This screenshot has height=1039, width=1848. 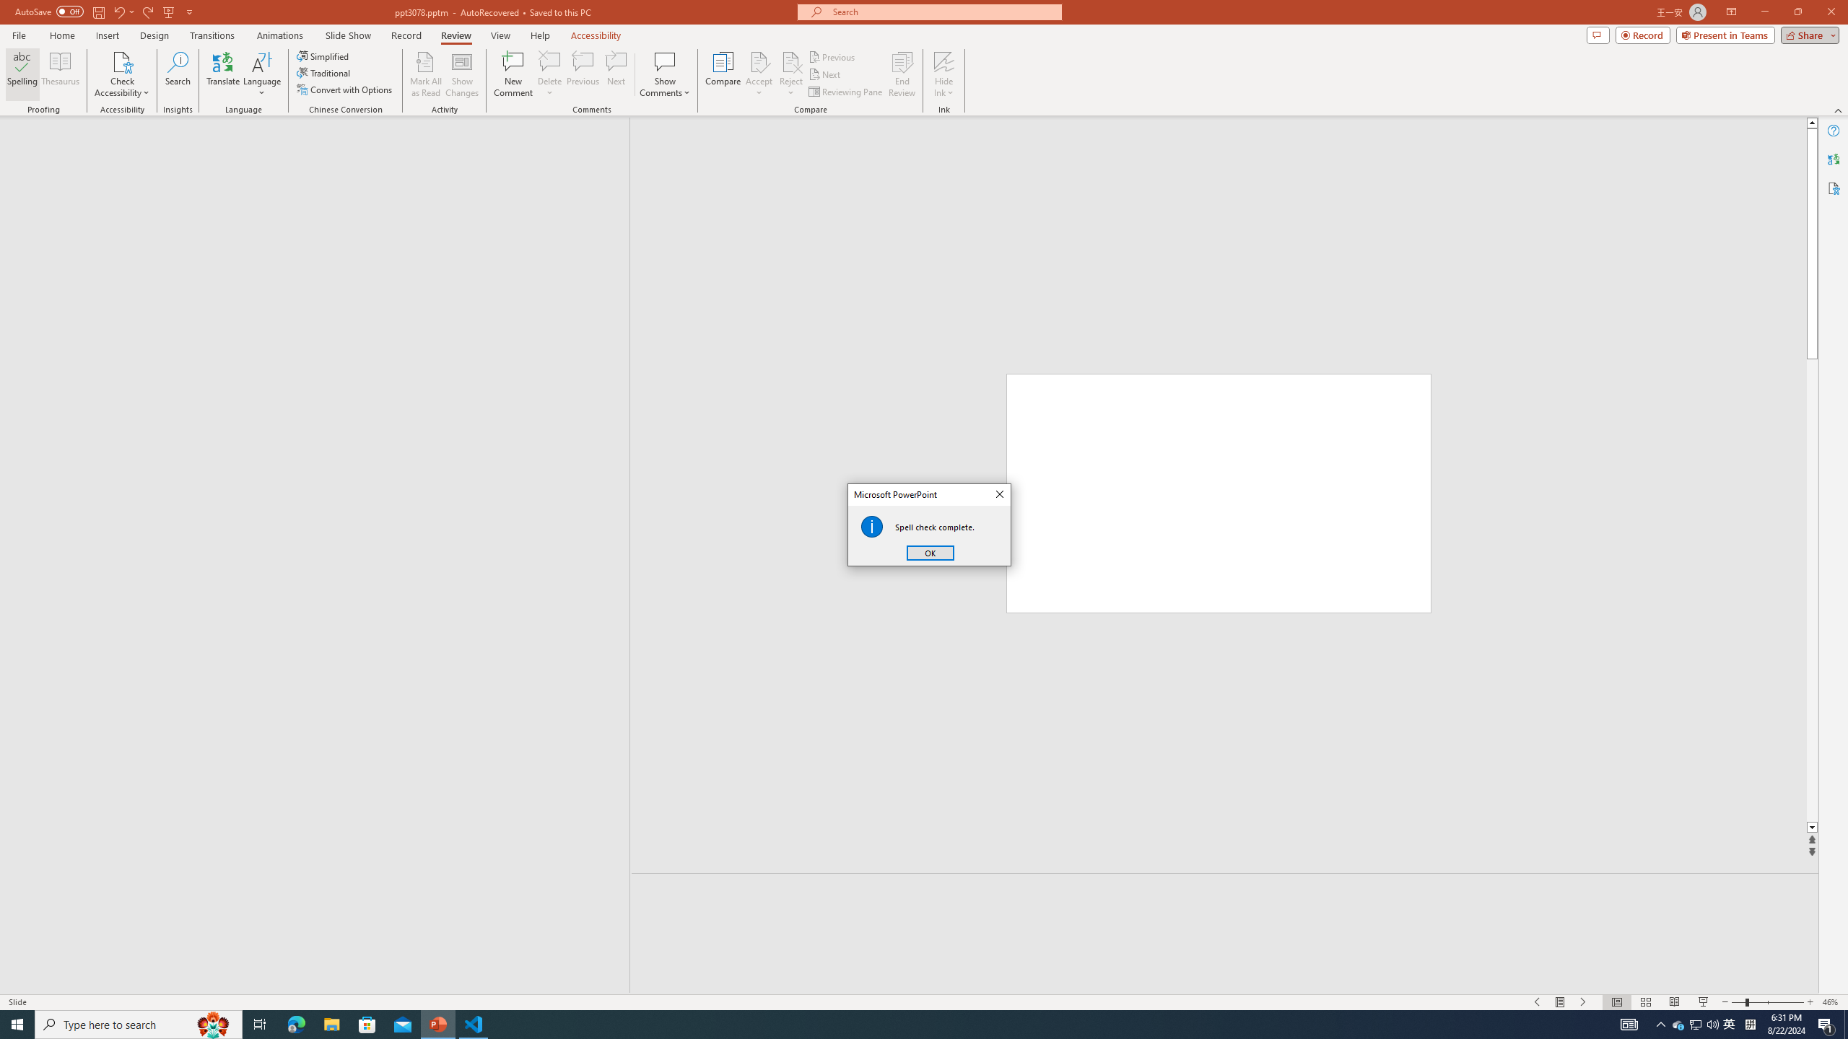 What do you see at coordinates (138, 1023) in the screenshot?
I see `'Type here to search'` at bounding box center [138, 1023].